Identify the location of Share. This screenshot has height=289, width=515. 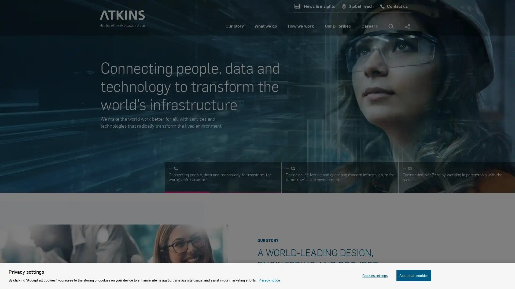
(407, 27).